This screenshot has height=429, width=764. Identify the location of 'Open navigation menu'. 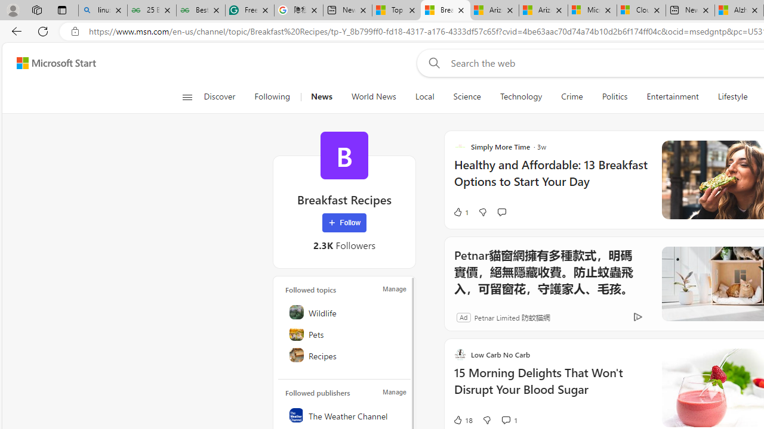
(186, 97).